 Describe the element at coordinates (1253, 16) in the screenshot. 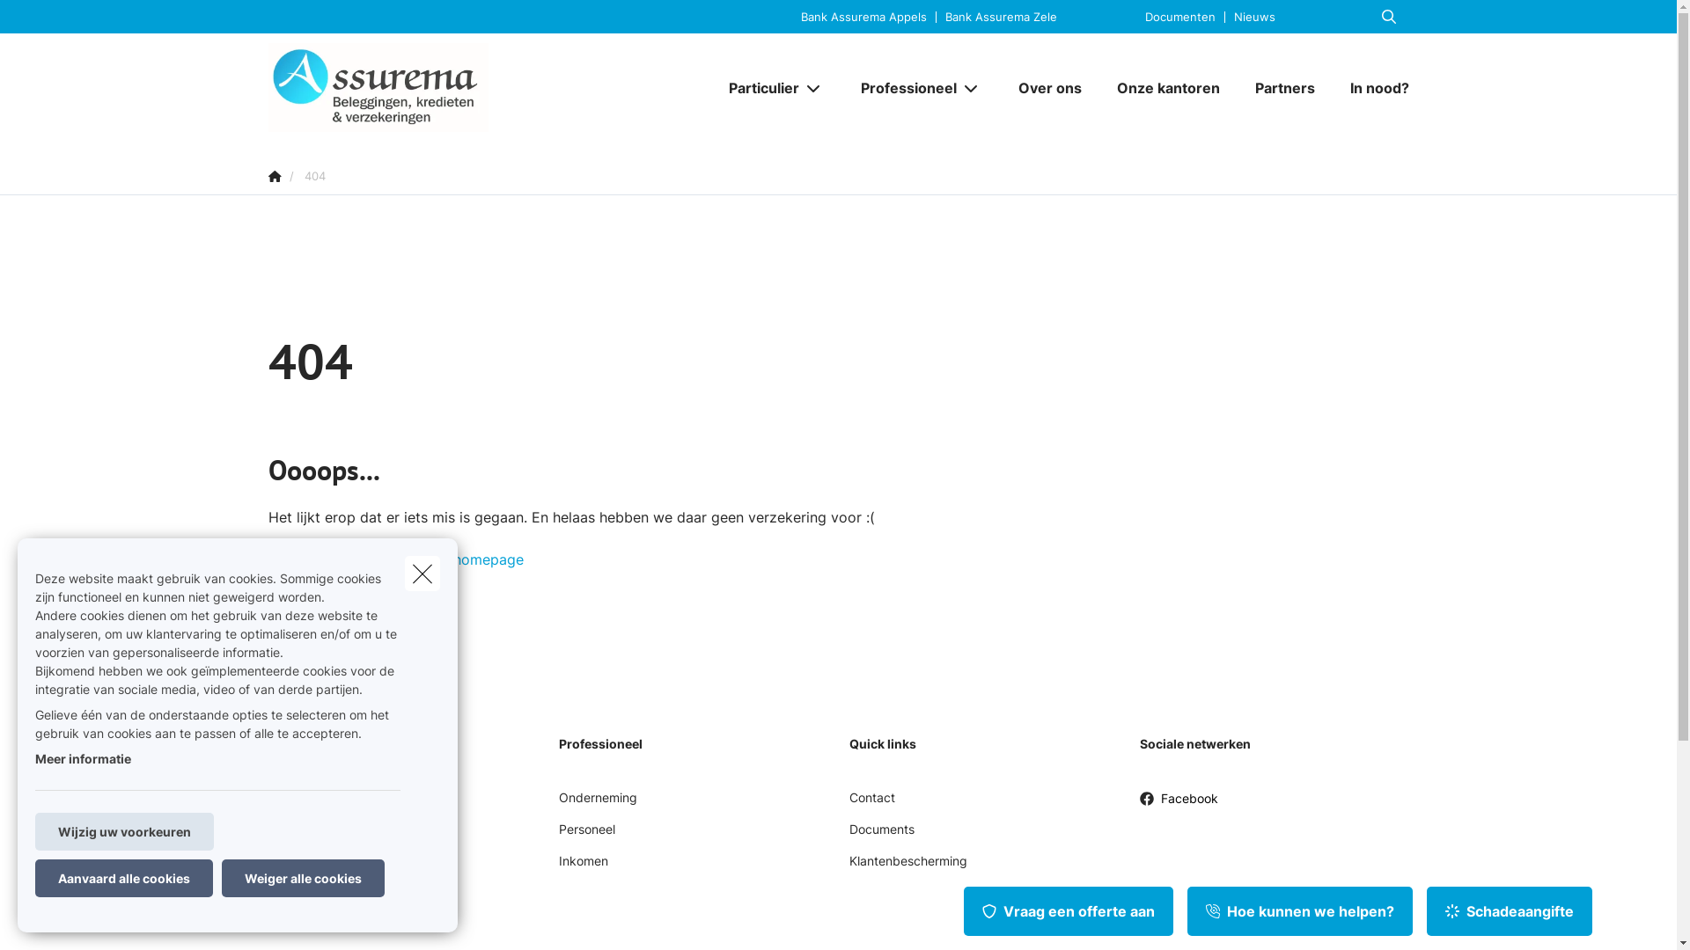

I see `'Nieuws'` at that location.